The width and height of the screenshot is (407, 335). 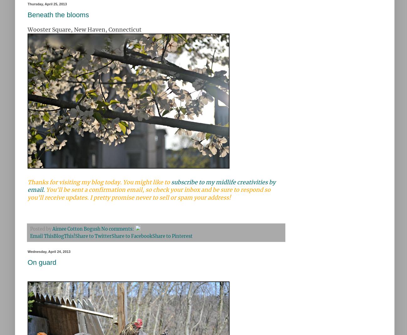 I want to click on 'Wednesday, April 24, 2013', so click(x=49, y=251).